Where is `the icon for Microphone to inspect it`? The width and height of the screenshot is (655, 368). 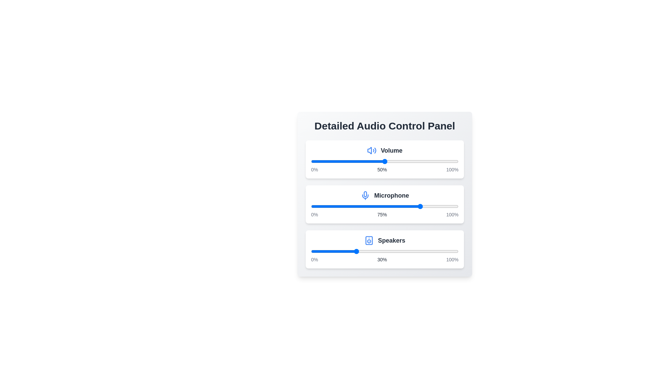
the icon for Microphone to inspect it is located at coordinates (365, 196).